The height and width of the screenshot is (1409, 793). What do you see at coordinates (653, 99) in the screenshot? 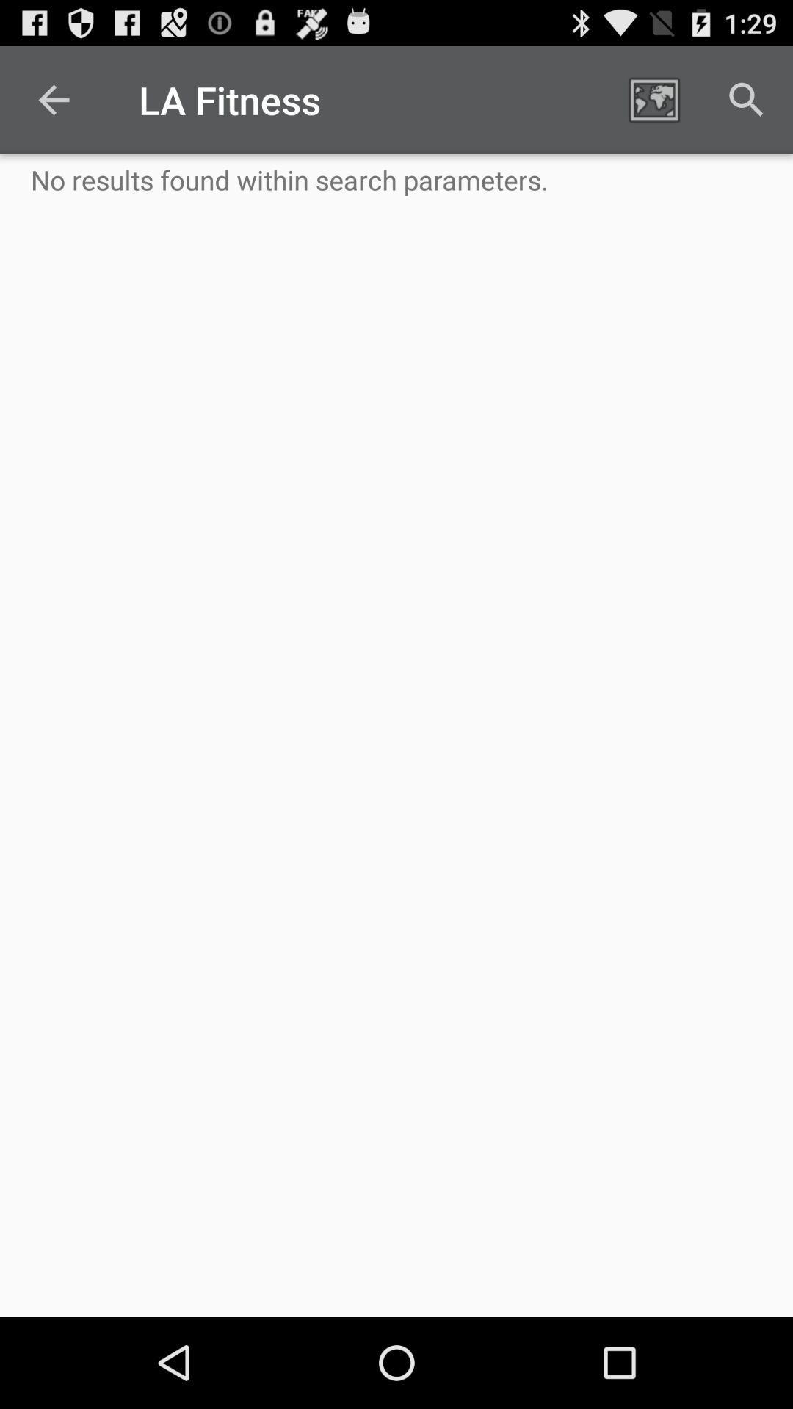
I see `the icon next to la fitness` at bounding box center [653, 99].